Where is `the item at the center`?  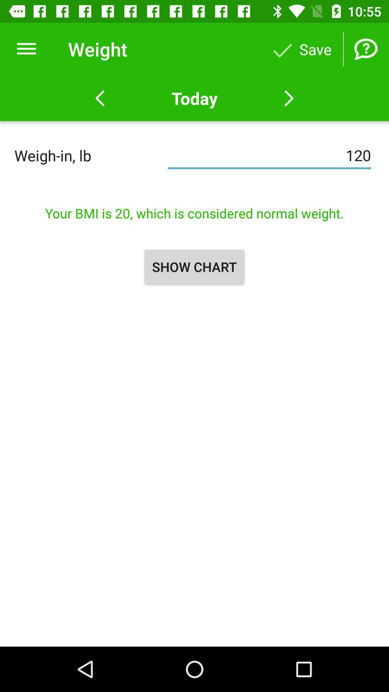
the item at the center is located at coordinates (194, 266).